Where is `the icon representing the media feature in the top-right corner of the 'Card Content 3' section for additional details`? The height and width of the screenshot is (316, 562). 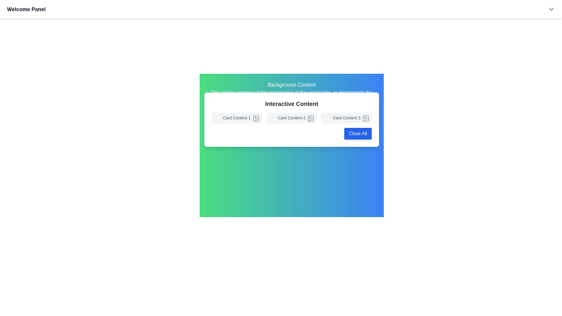 the icon representing the media feature in the top-right corner of the 'Card Content 3' section for additional details is located at coordinates (365, 118).